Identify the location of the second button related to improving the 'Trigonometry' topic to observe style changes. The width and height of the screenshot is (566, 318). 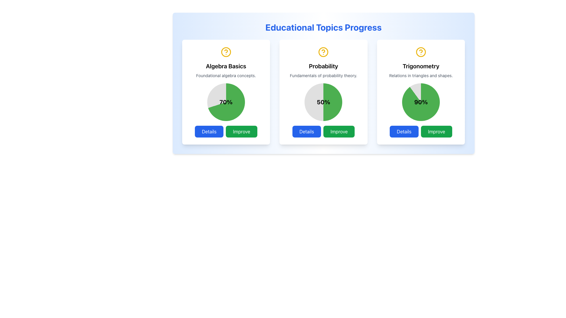
(436, 131).